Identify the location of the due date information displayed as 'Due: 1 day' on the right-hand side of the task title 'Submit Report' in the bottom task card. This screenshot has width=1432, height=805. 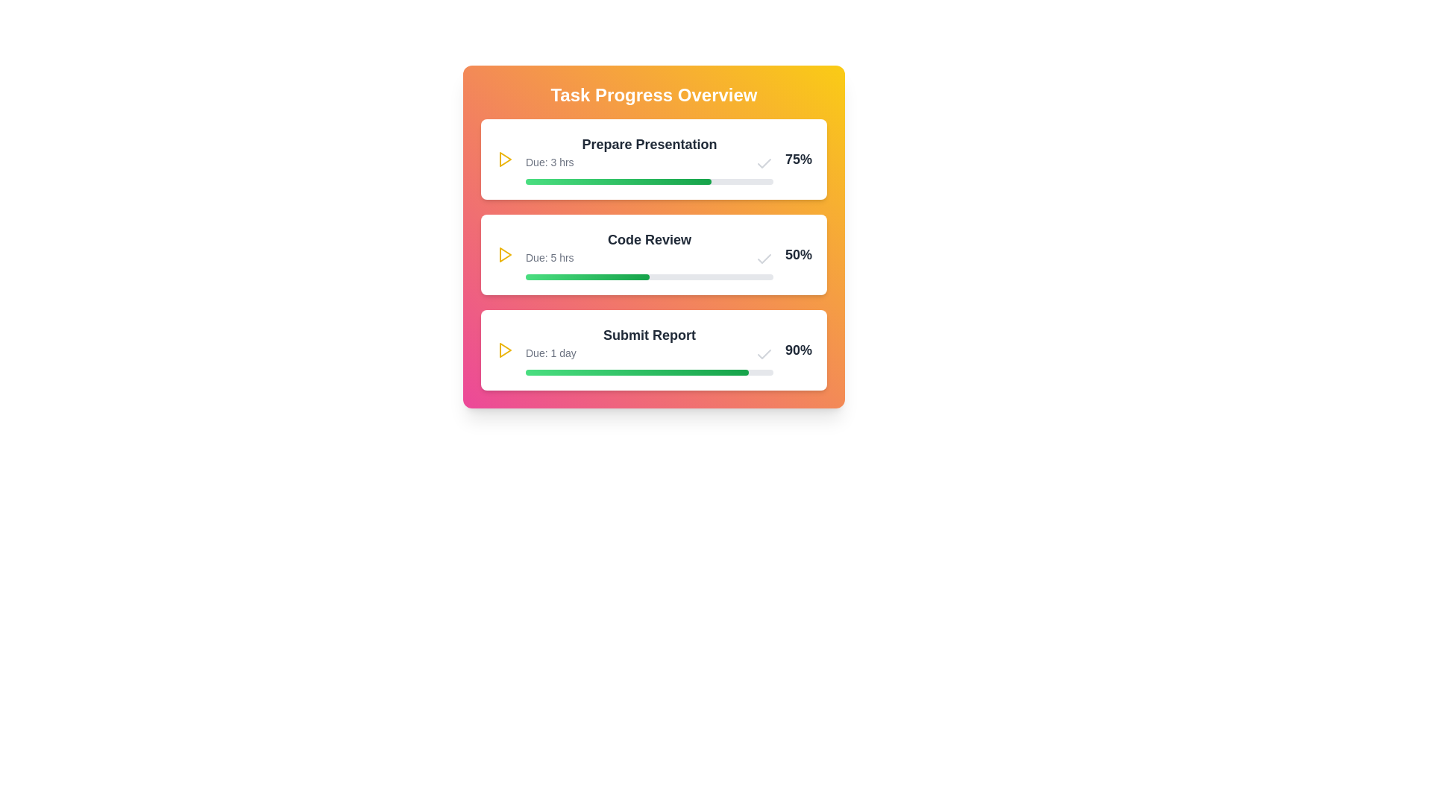
(649, 354).